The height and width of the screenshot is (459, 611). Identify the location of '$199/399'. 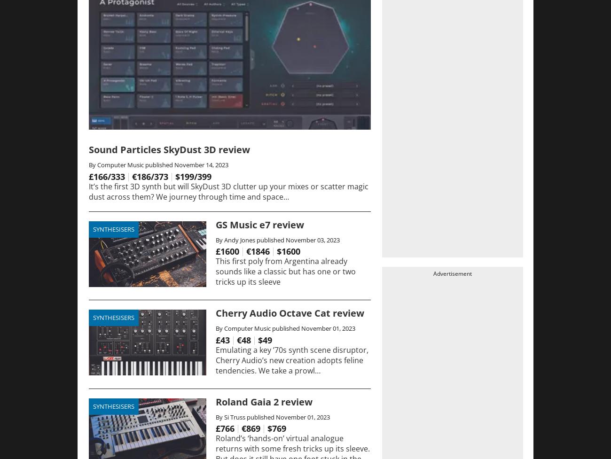
(193, 176).